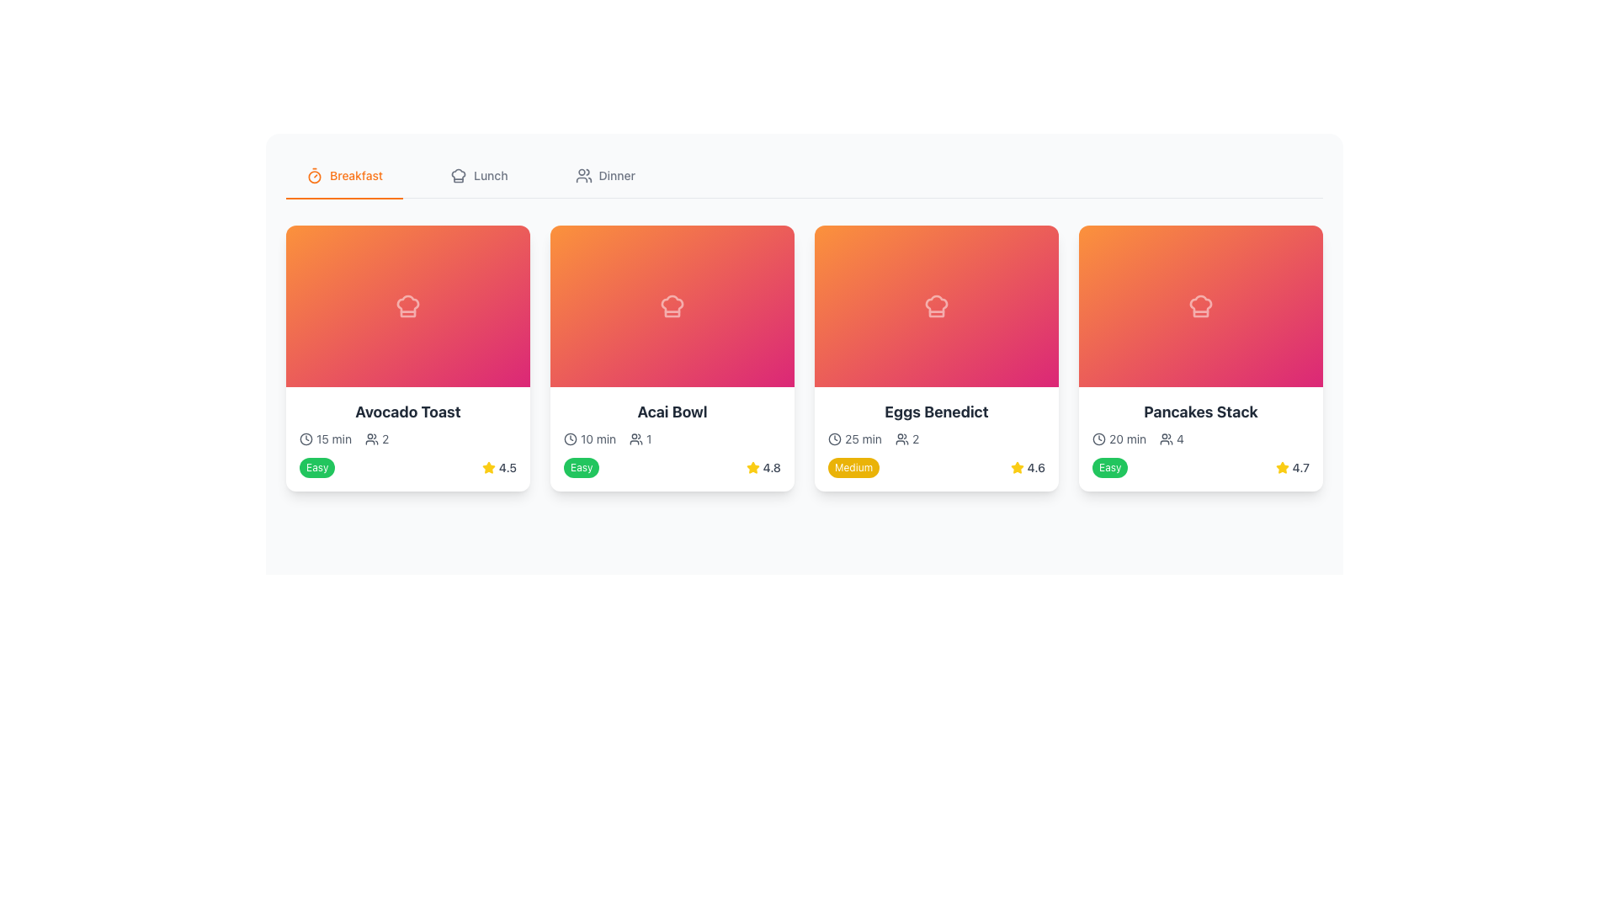 This screenshot has height=909, width=1616. Describe the element at coordinates (936, 306) in the screenshot. I see `the chef hat icon located in the third card of the horizontally arranged list of cards below the header tabs labeled 'Breakfast,' 'Lunch,' and 'Dinner.'` at that location.